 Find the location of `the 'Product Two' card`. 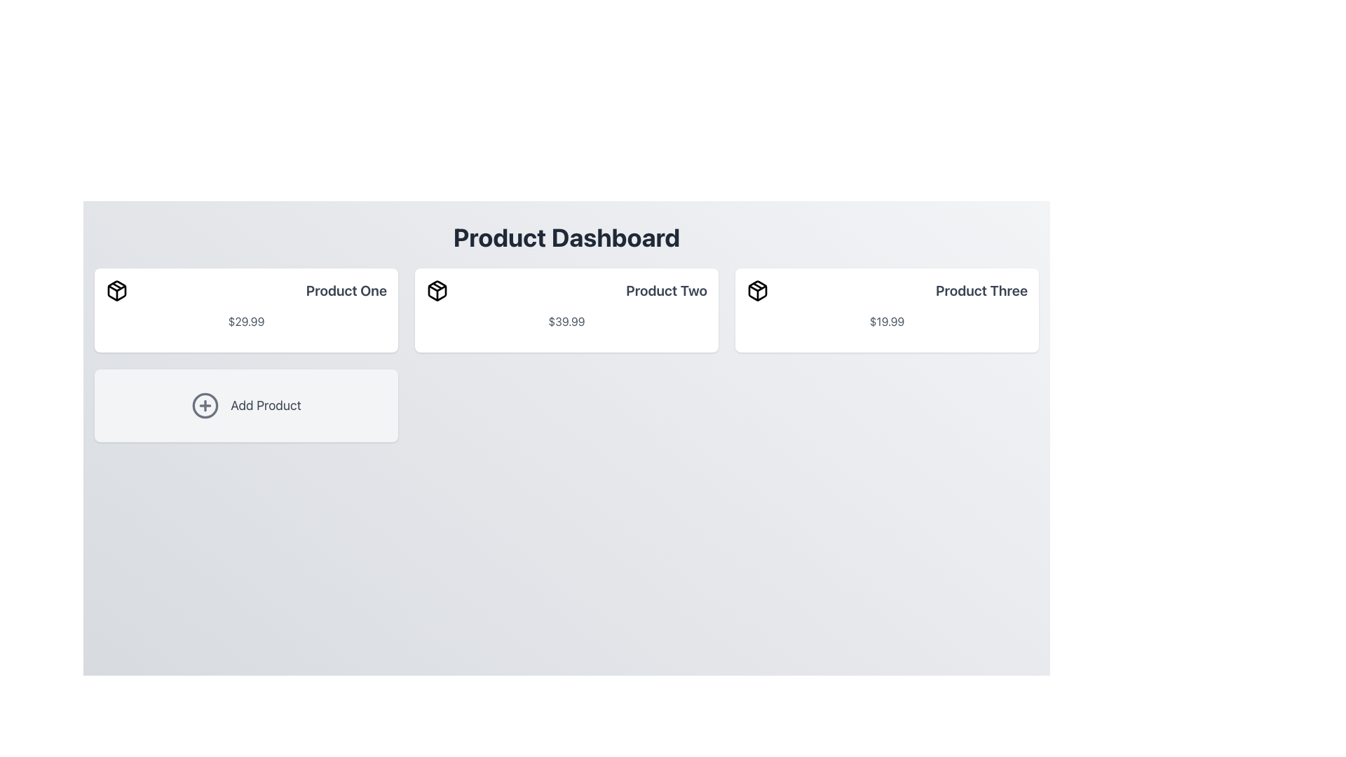

the 'Product Two' card is located at coordinates (566, 310).